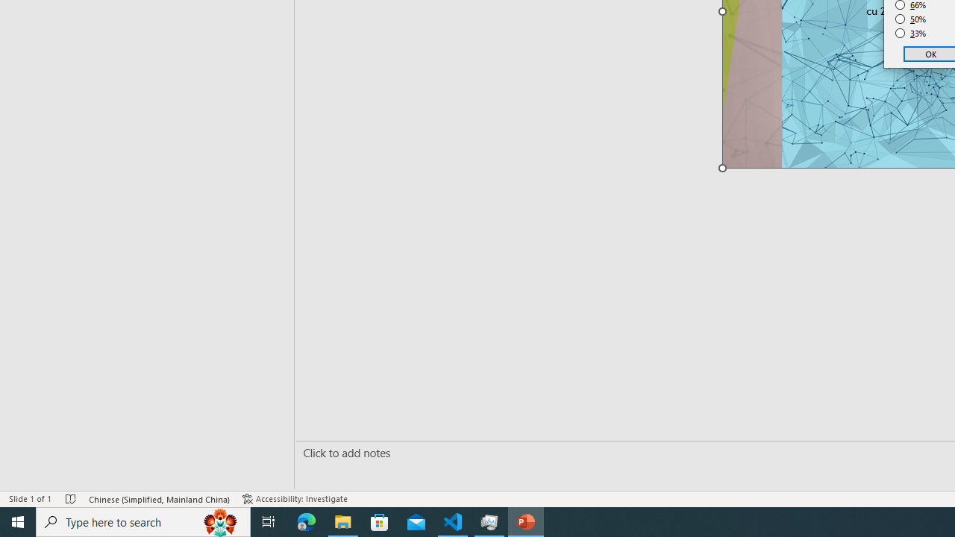 This screenshot has height=537, width=955. Describe the element at coordinates (71, 499) in the screenshot. I see `'Spell Check No Errors'` at that location.